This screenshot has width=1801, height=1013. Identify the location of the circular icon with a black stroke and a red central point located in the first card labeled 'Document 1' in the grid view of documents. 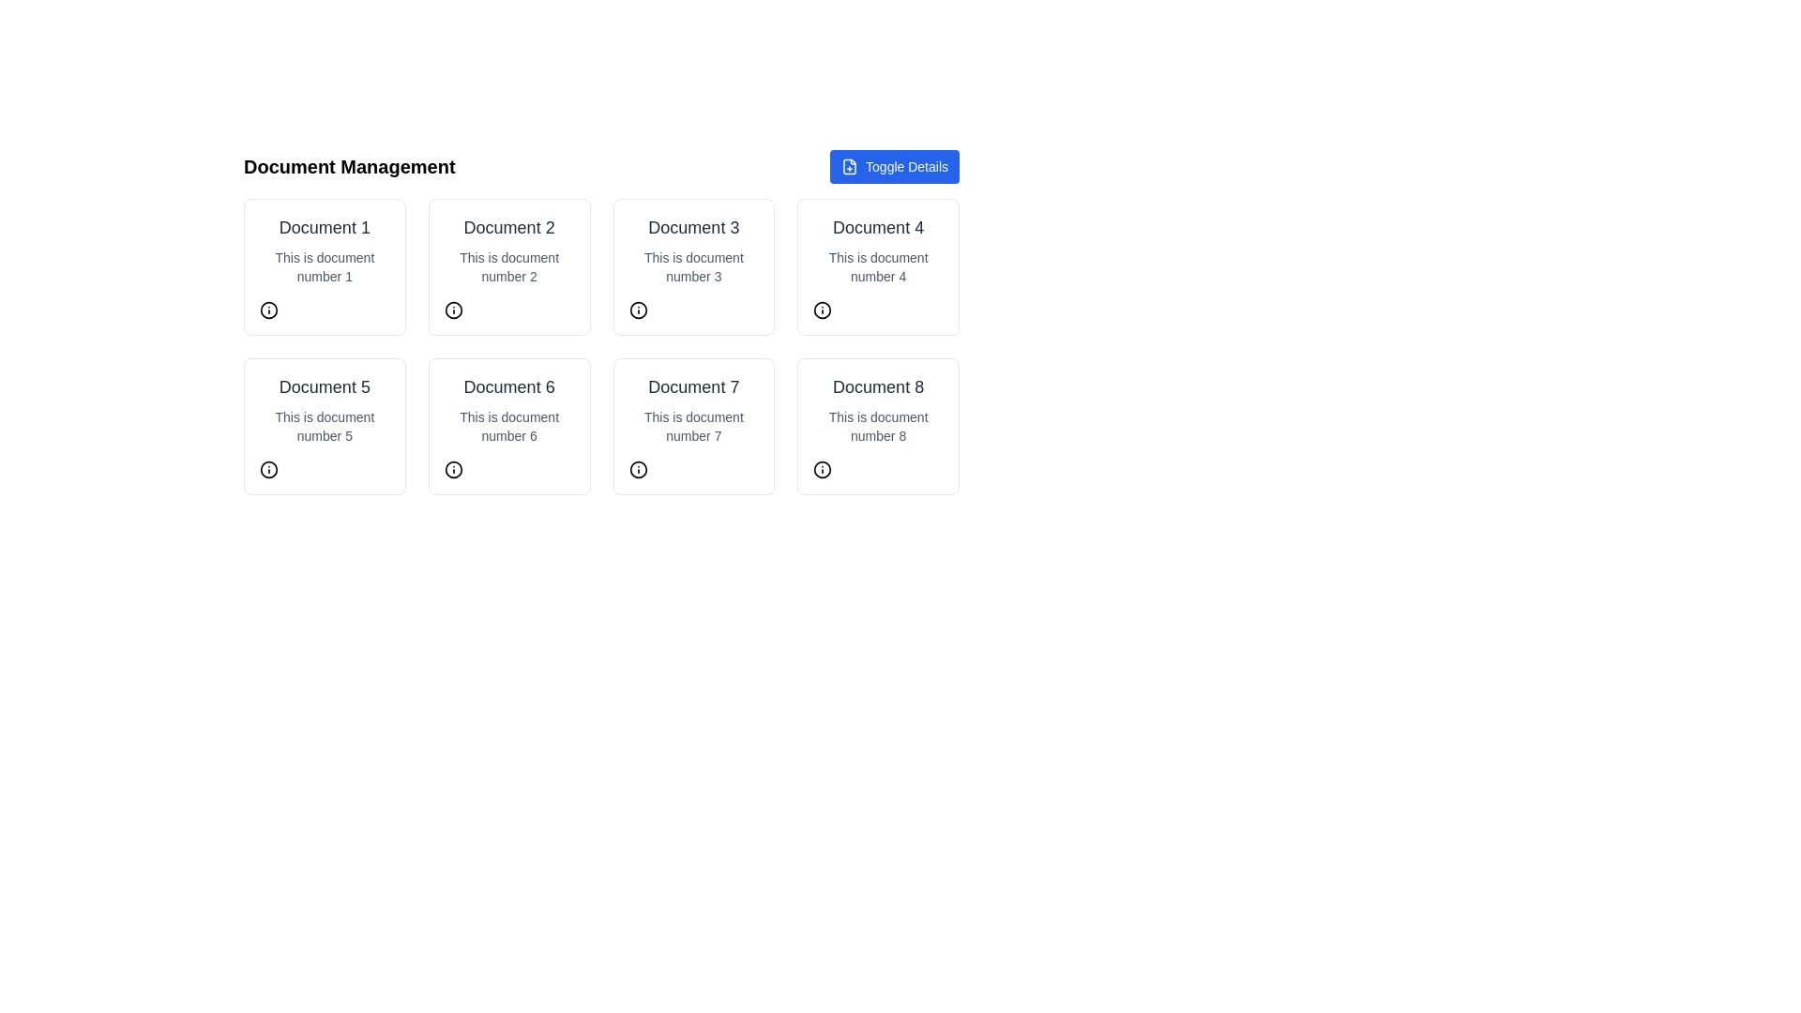
(268, 310).